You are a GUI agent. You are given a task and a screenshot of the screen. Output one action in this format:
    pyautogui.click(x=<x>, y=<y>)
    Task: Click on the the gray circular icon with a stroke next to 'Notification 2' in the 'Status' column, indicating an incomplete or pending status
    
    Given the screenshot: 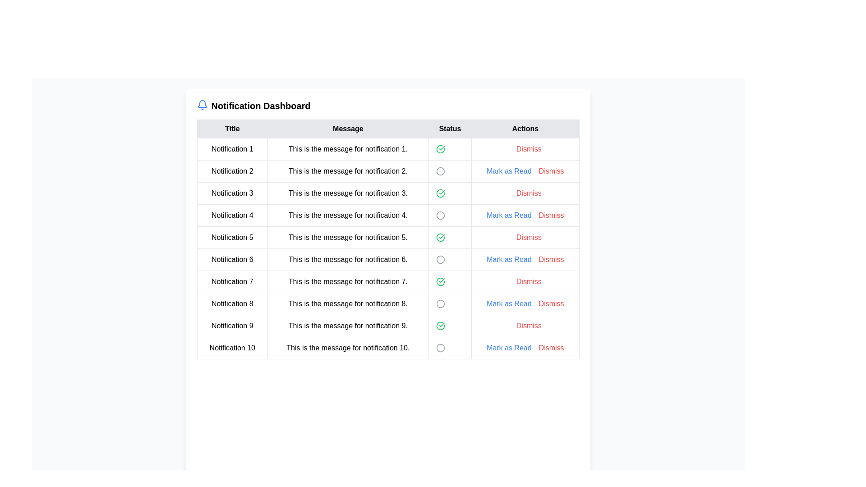 What is the action you would take?
    pyautogui.click(x=440, y=171)
    